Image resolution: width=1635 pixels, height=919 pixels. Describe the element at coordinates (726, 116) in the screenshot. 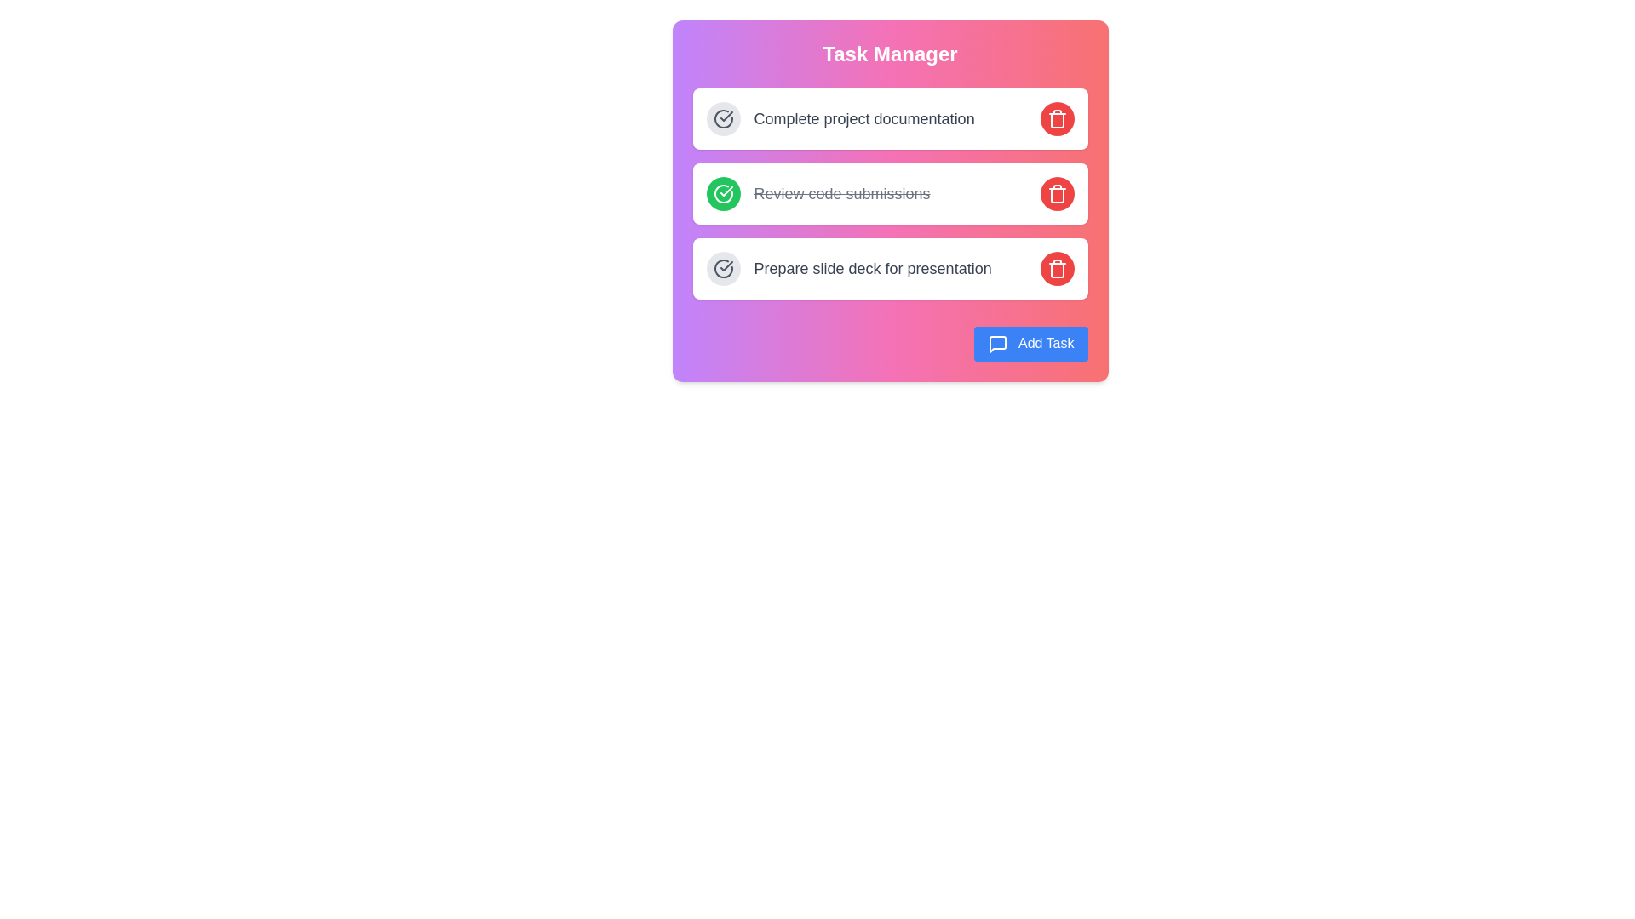

I see `the curved checkmark icon located in the second task entry of the task manager list` at that location.